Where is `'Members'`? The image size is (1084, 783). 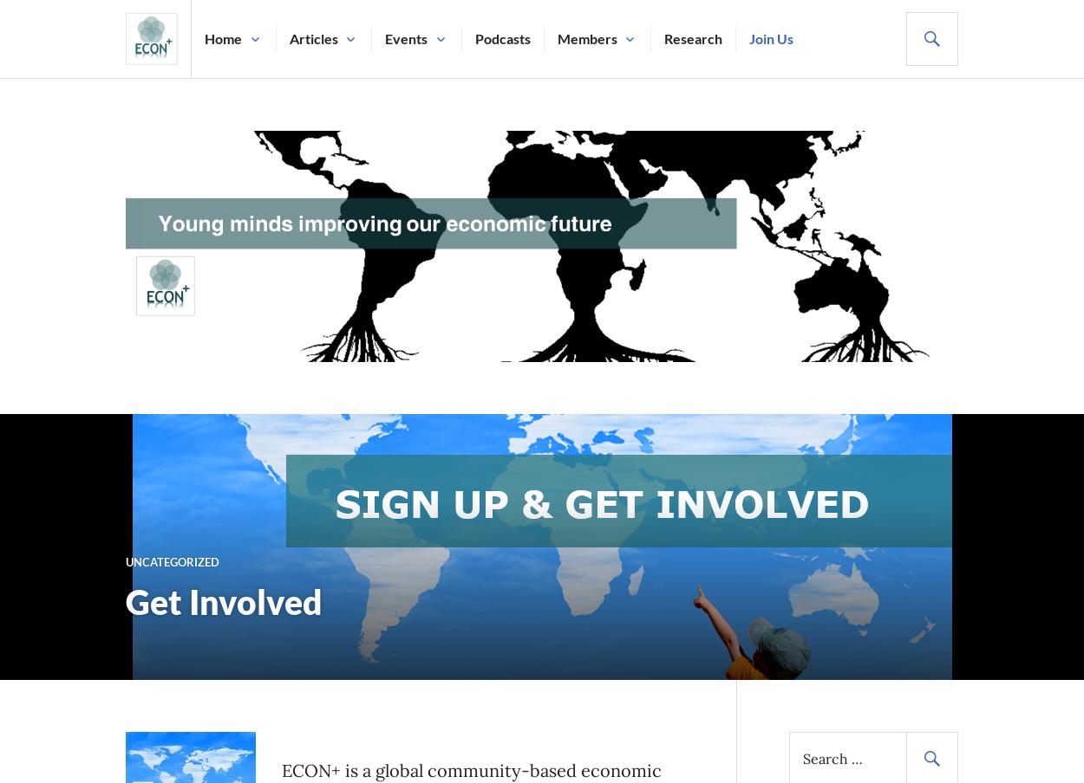
'Members' is located at coordinates (586, 37).